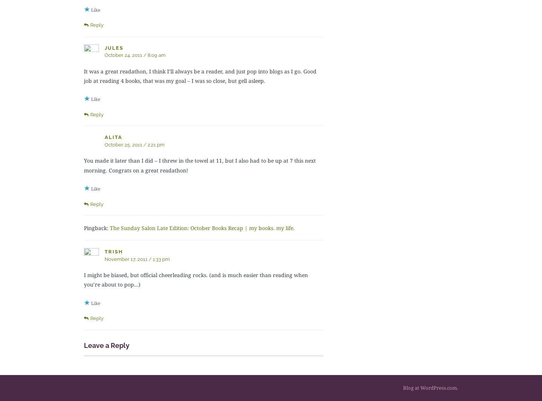 This screenshot has height=401, width=542. Describe the element at coordinates (113, 137) in the screenshot. I see `'Alita'` at that location.